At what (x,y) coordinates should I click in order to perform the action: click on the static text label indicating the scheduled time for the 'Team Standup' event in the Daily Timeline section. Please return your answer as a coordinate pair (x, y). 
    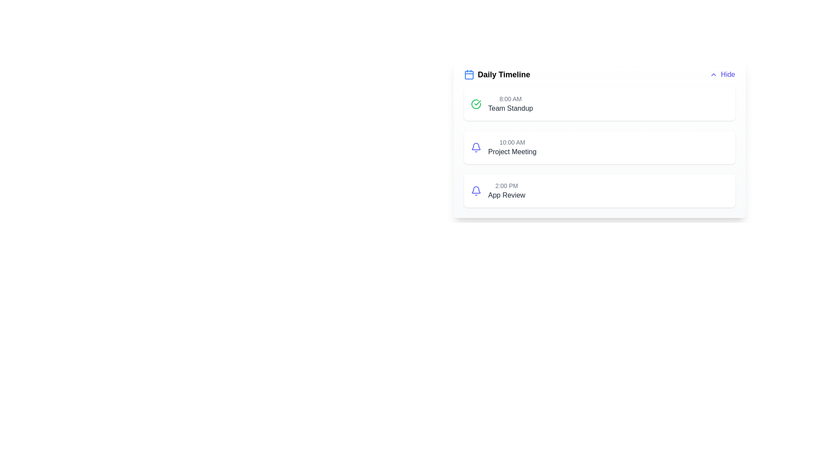
    Looking at the image, I should click on (511, 98).